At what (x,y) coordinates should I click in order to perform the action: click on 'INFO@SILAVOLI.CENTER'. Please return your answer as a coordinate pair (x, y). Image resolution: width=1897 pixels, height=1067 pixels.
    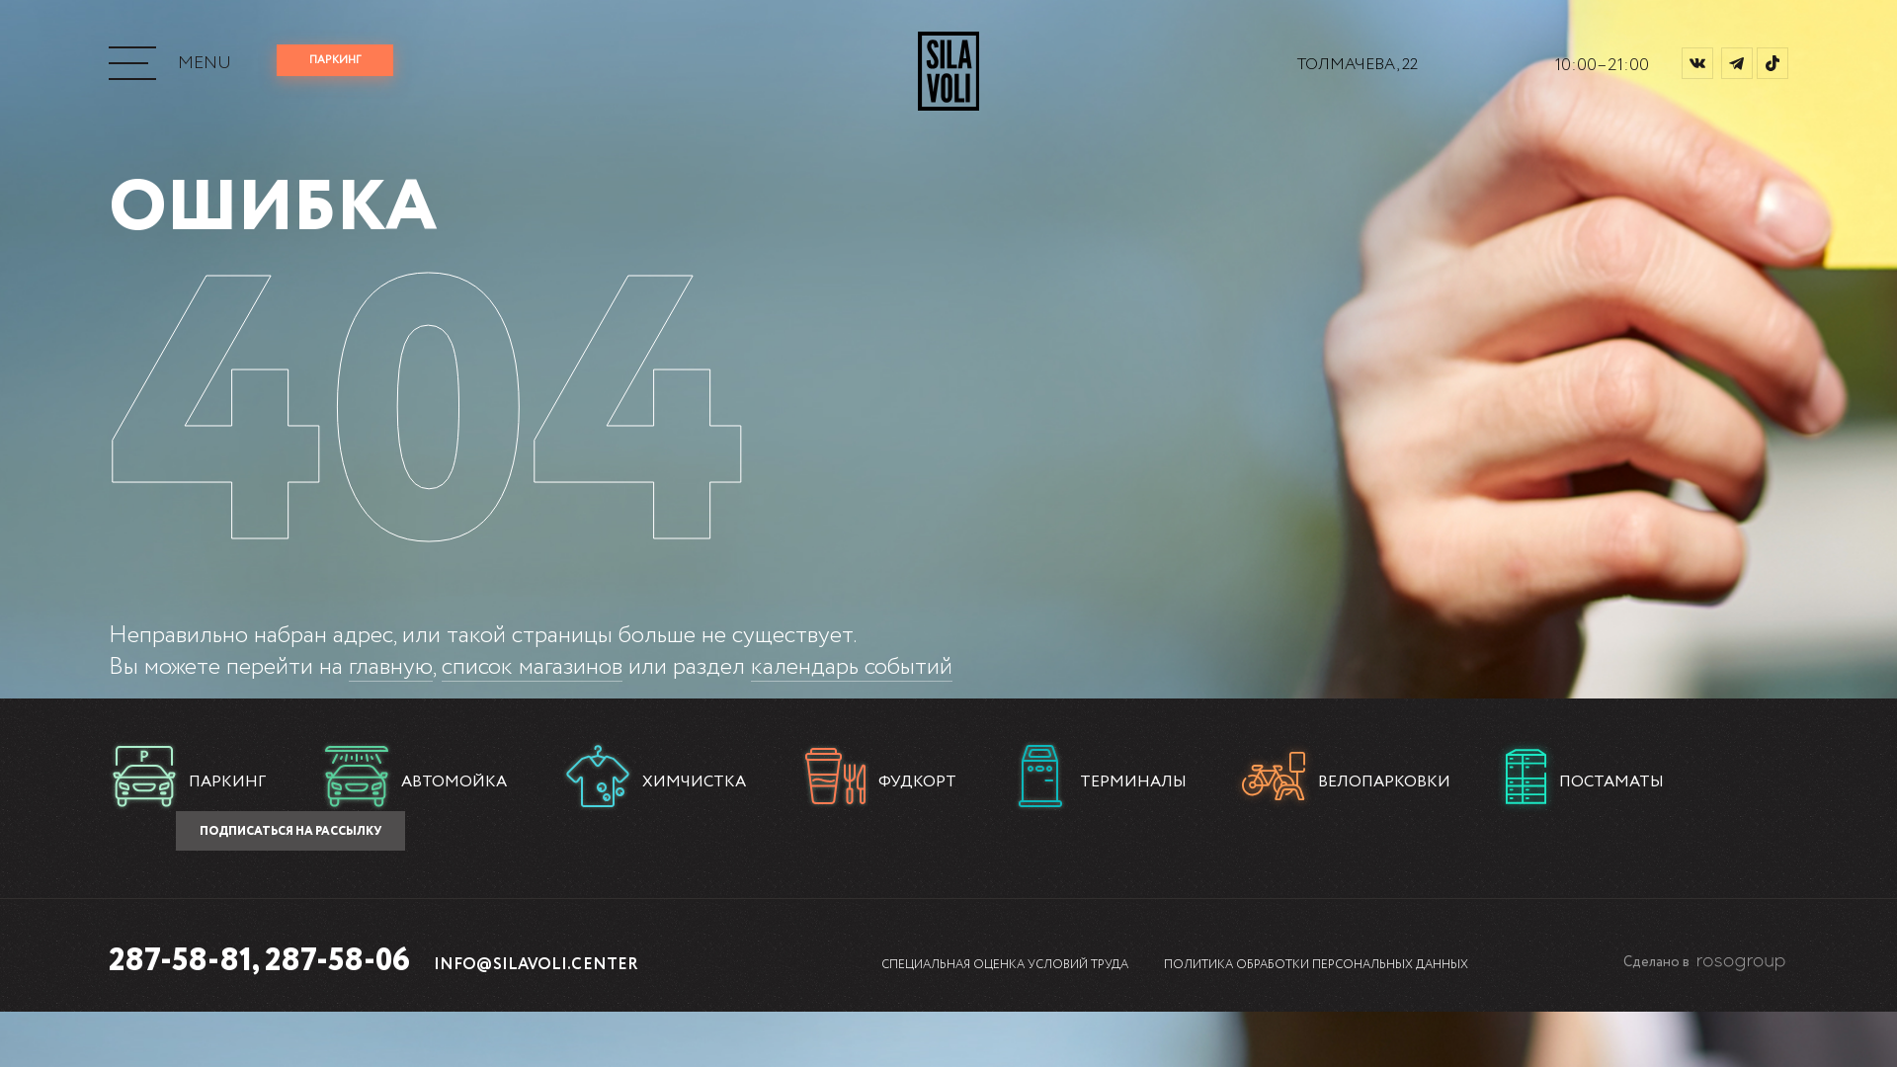
    Looking at the image, I should click on (536, 963).